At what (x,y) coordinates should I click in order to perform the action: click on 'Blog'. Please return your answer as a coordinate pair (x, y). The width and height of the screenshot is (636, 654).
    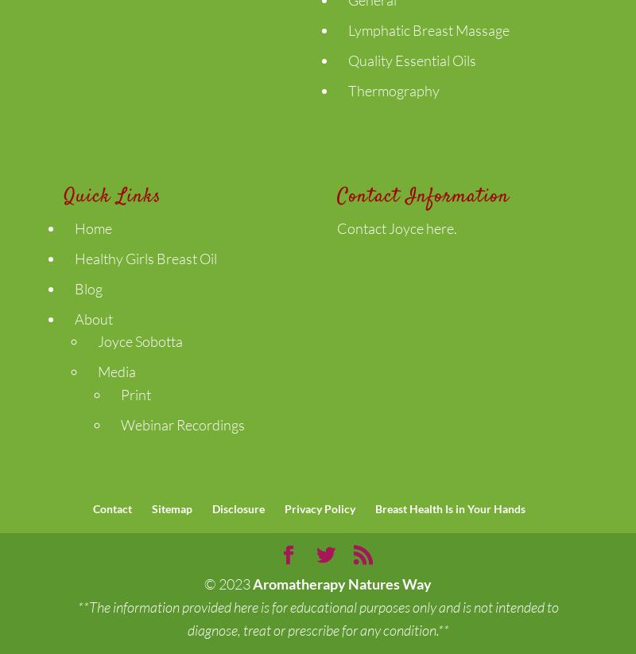
    Looking at the image, I should click on (87, 287).